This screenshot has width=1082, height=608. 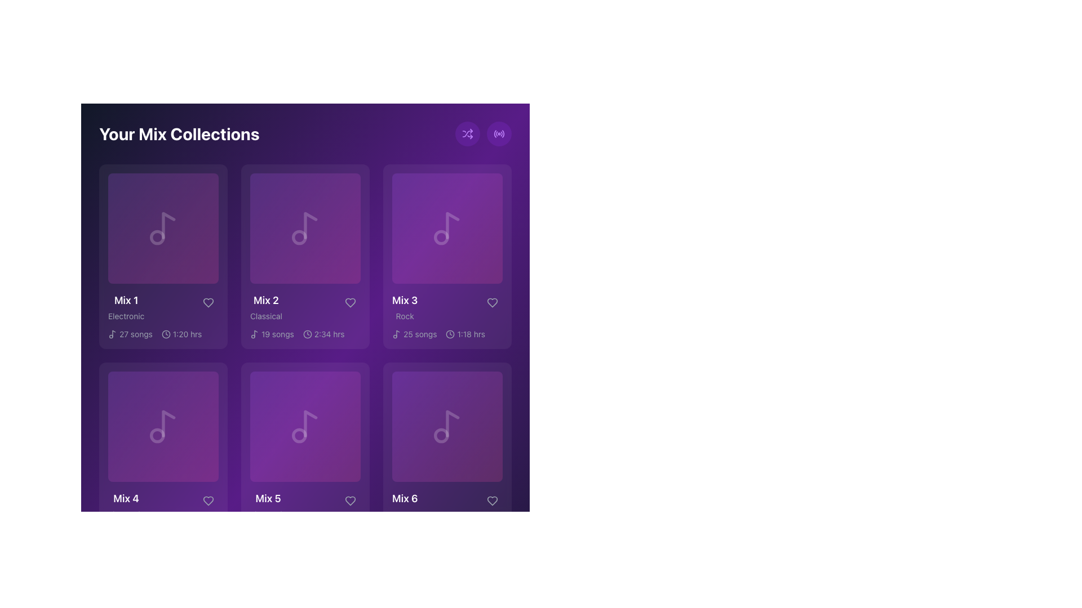 What do you see at coordinates (419, 334) in the screenshot?
I see `information displayed in the Text label indicating the number of songs in the 'Mix 3' collection, located at the bottom-left area of the block adjacent to the music icon` at bounding box center [419, 334].